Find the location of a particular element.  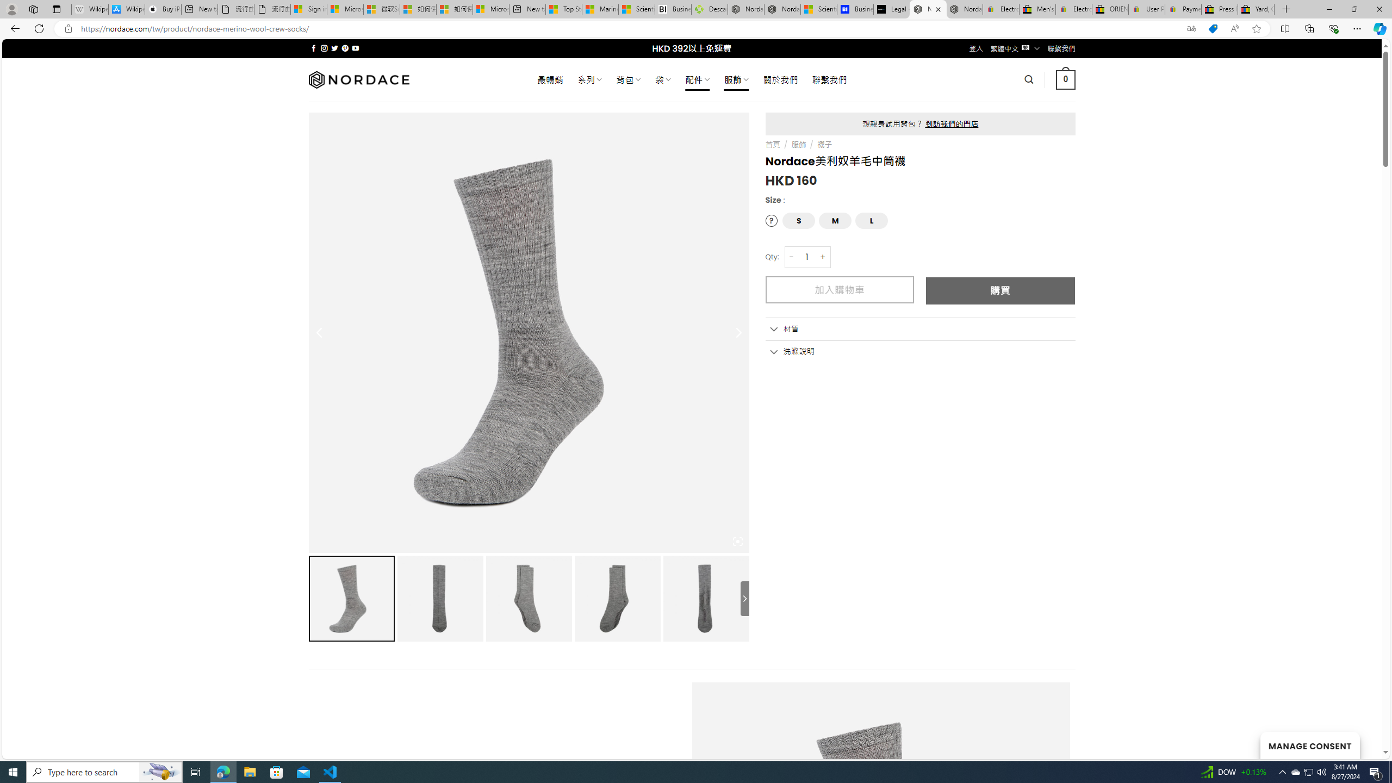

'Yard, Garden & Outdoor Living' is located at coordinates (1256, 9).